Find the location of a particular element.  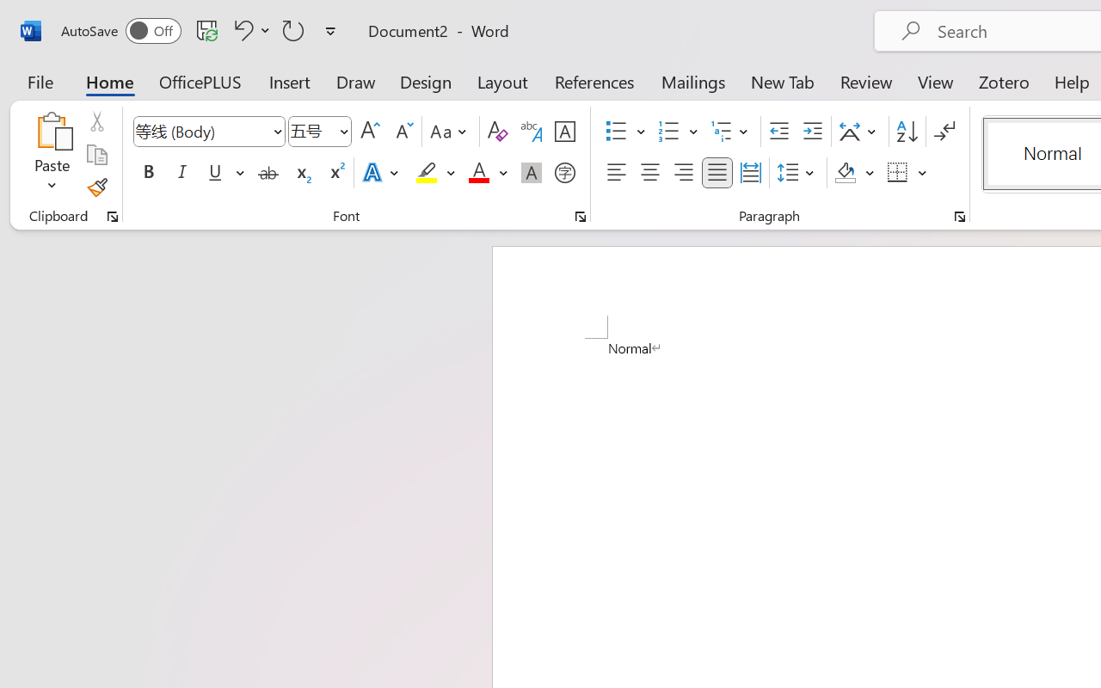

'Subscript' is located at coordinates (301, 173).